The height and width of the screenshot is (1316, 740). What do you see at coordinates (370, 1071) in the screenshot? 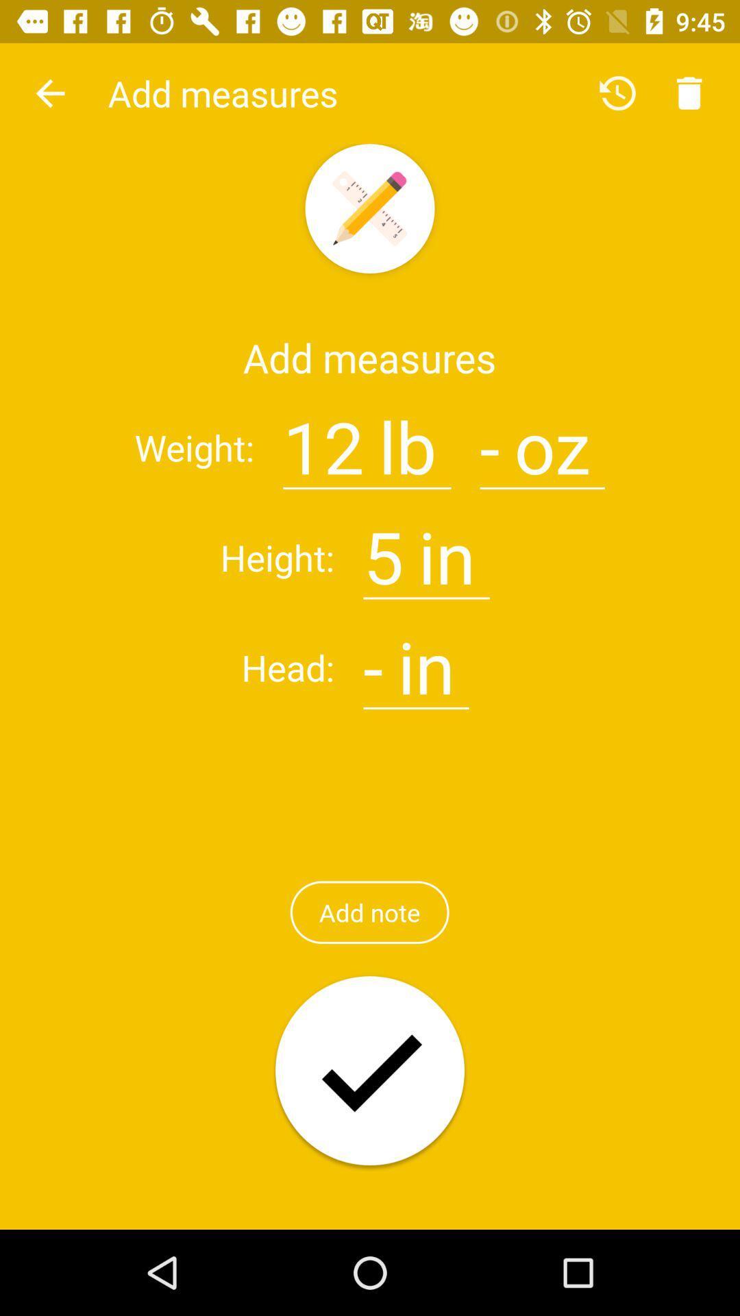
I see `finished` at bounding box center [370, 1071].